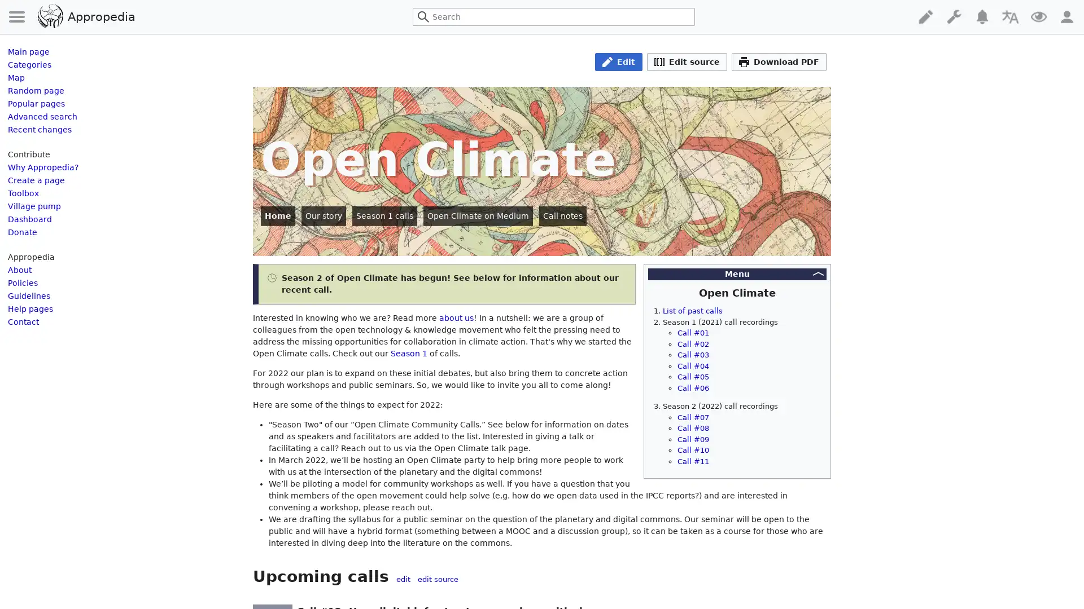 Image resolution: width=1084 pixels, height=609 pixels. I want to click on Edit source, so click(687, 62).